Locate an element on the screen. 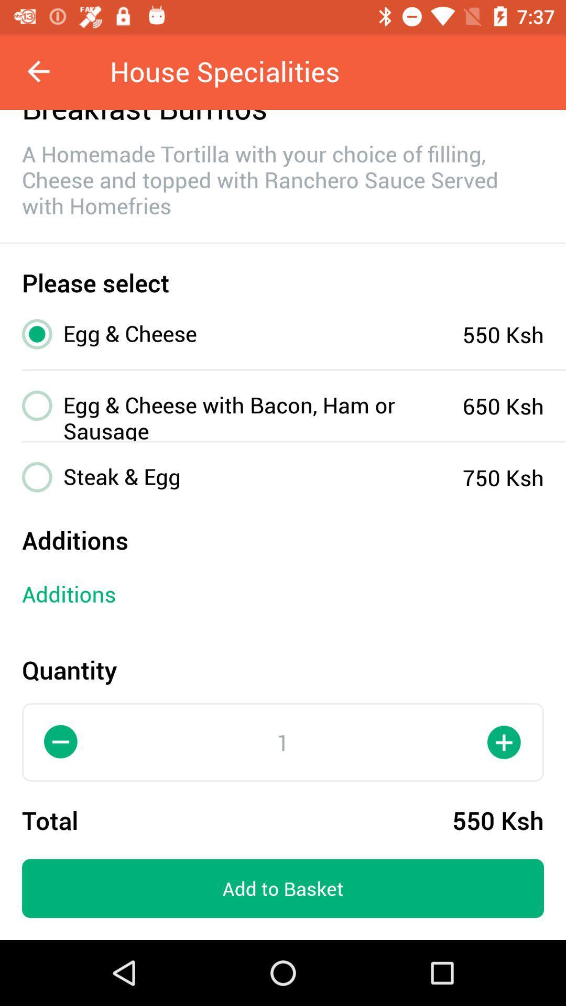 This screenshot has width=566, height=1006. the item above 550 ksh item is located at coordinates (504, 741).